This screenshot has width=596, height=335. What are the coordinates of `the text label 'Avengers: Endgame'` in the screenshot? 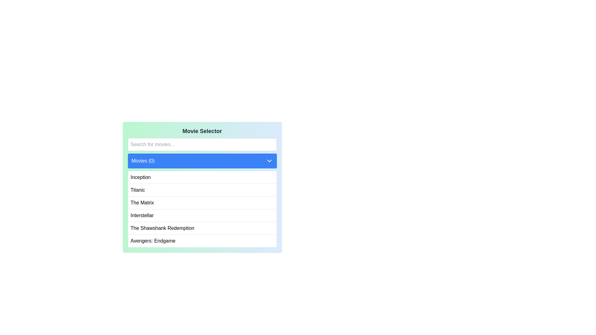 It's located at (153, 240).